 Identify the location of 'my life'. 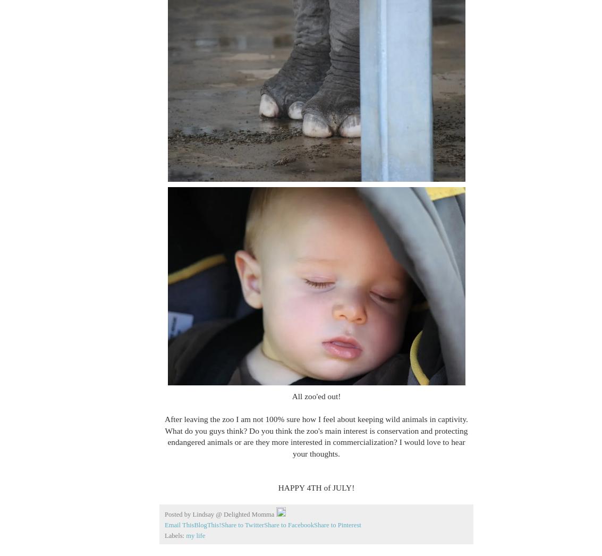
(185, 536).